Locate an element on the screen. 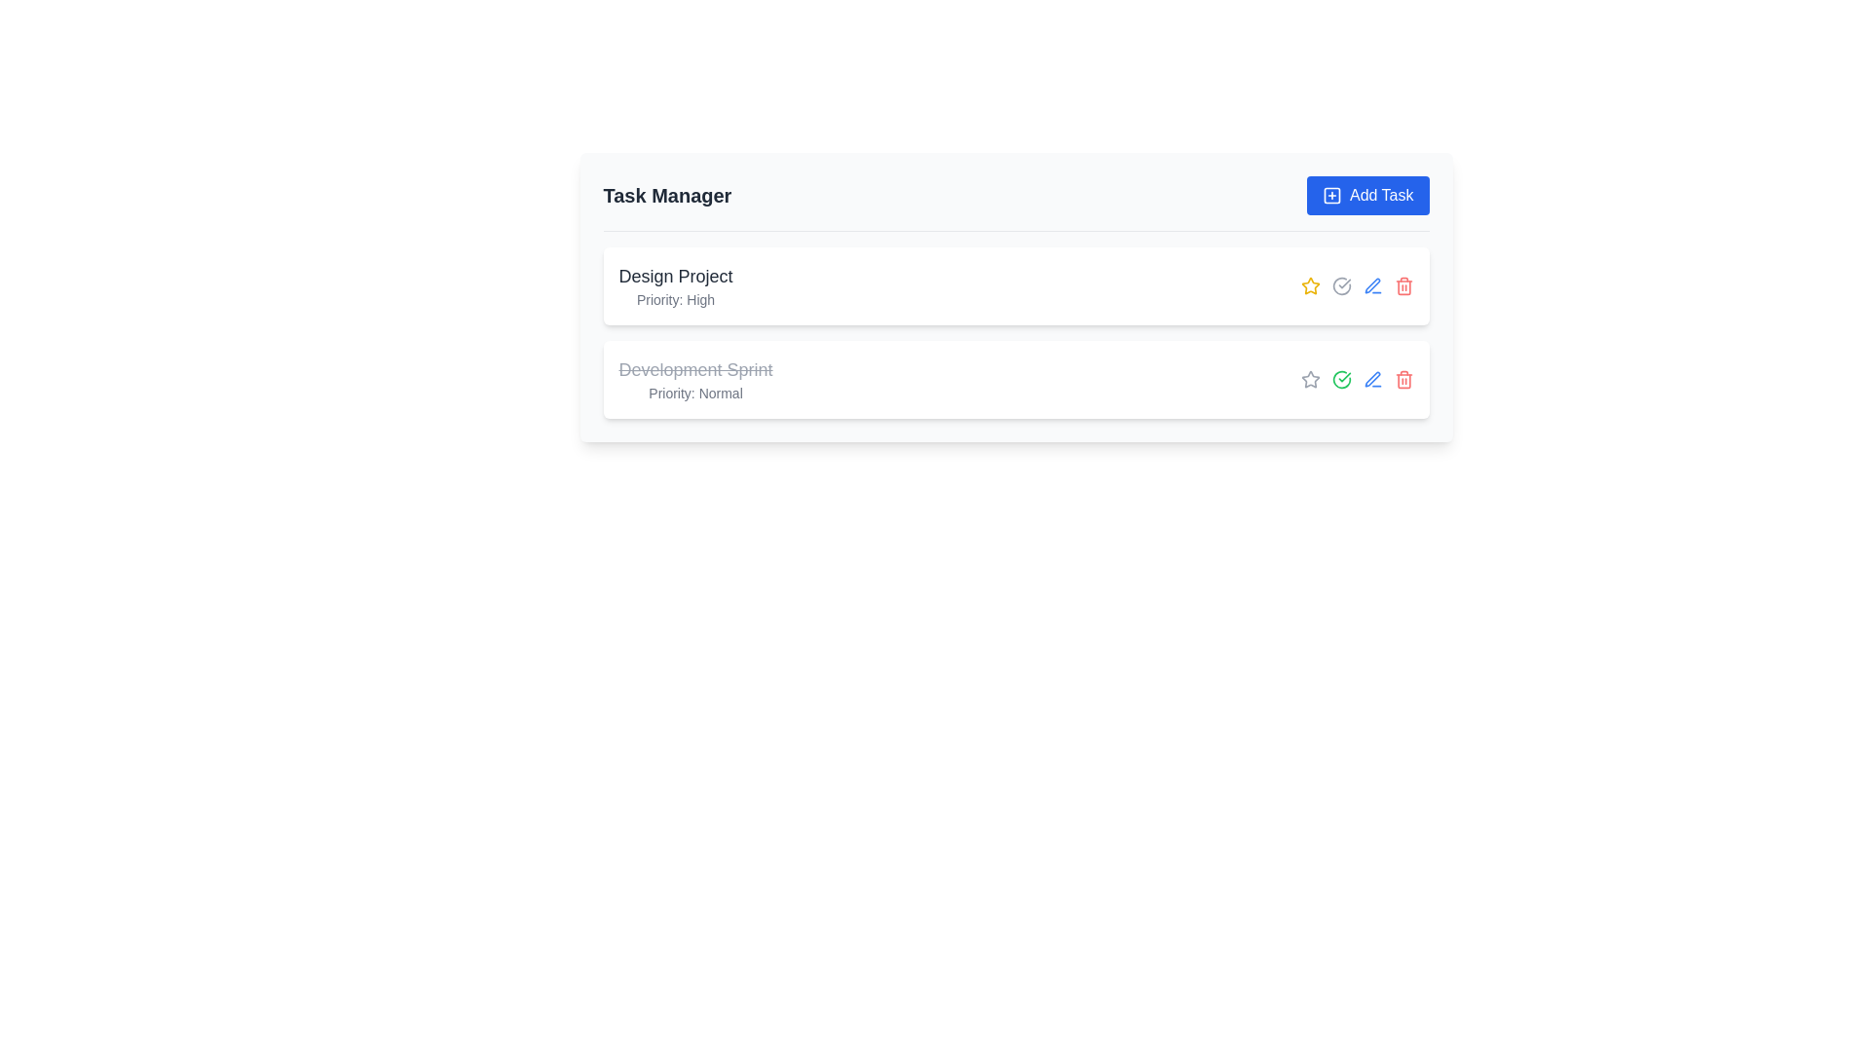 The height and width of the screenshot is (1052, 1870). the decorative icon within the 'Add Task' button located at the top-right corner of the task manager interface is located at coordinates (1331, 195).